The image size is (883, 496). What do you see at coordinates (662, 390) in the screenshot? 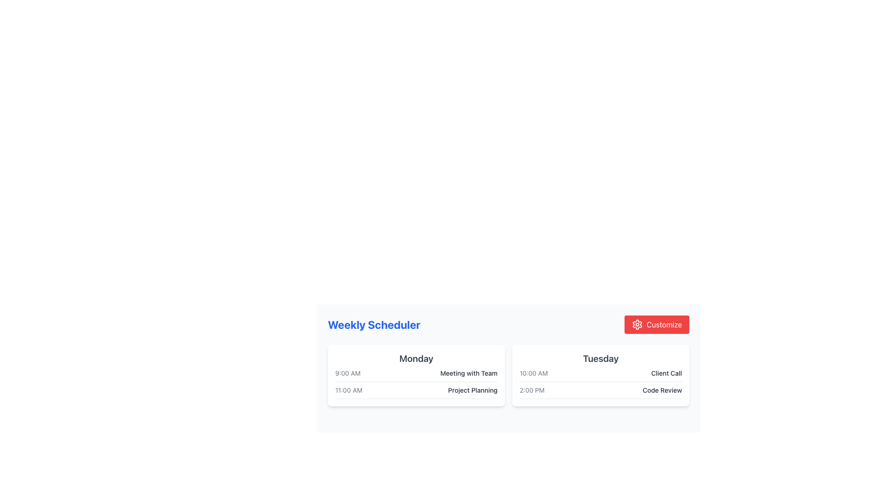
I see `the text label displaying 'Code Review' located under the 'Tuesday' heading in the schedule entry for the '2:00 PM' time slot` at bounding box center [662, 390].